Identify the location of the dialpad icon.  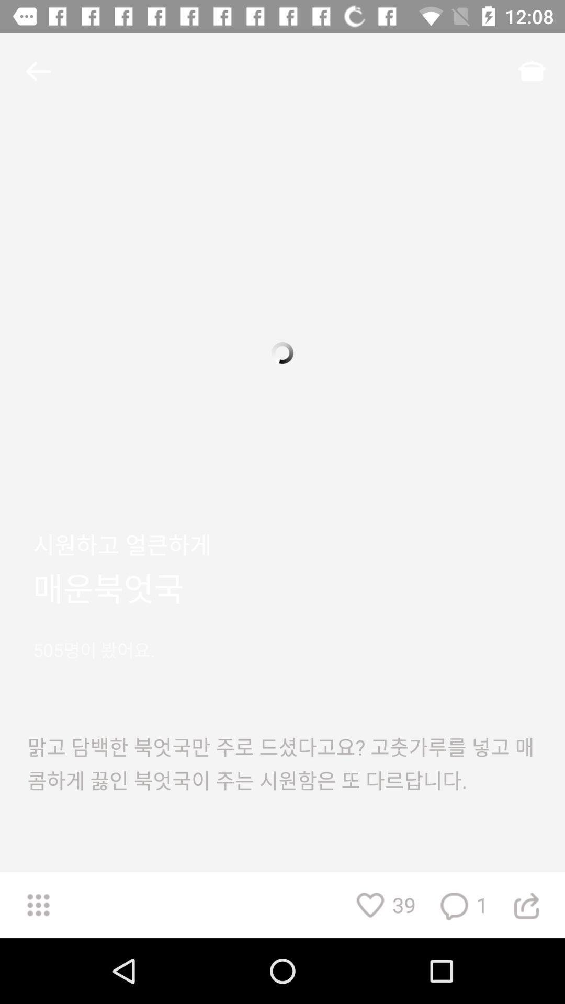
(38, 905).